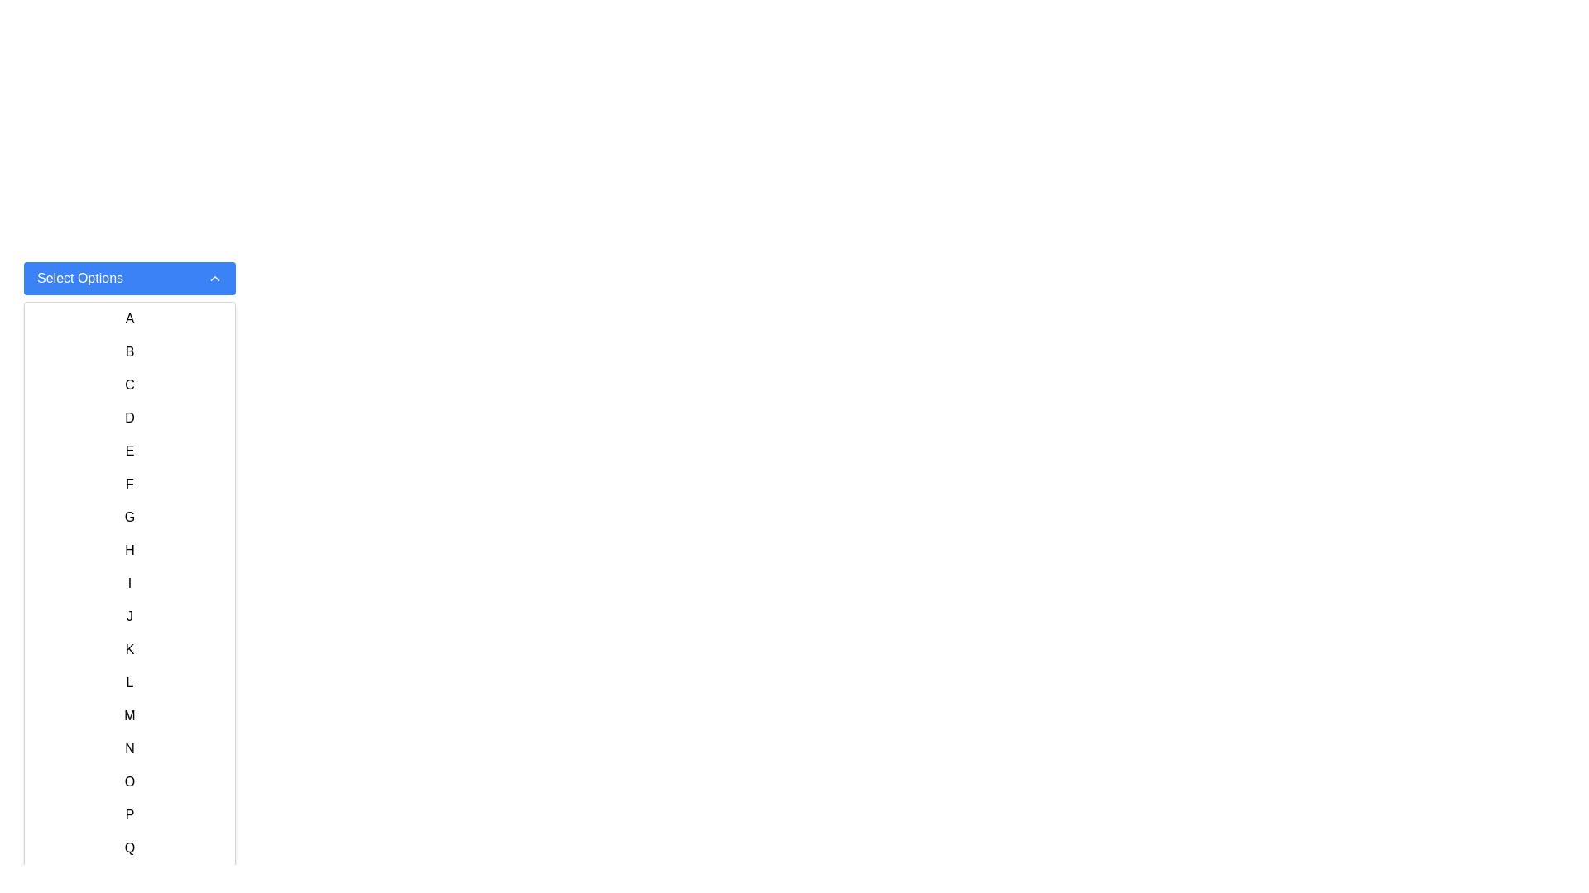 The width and height of the screenshot is (1589, 893). Describe the element at coordinates (129, 682) in the screenshot. I see `the letter 'L' in the selectable list` at that location.